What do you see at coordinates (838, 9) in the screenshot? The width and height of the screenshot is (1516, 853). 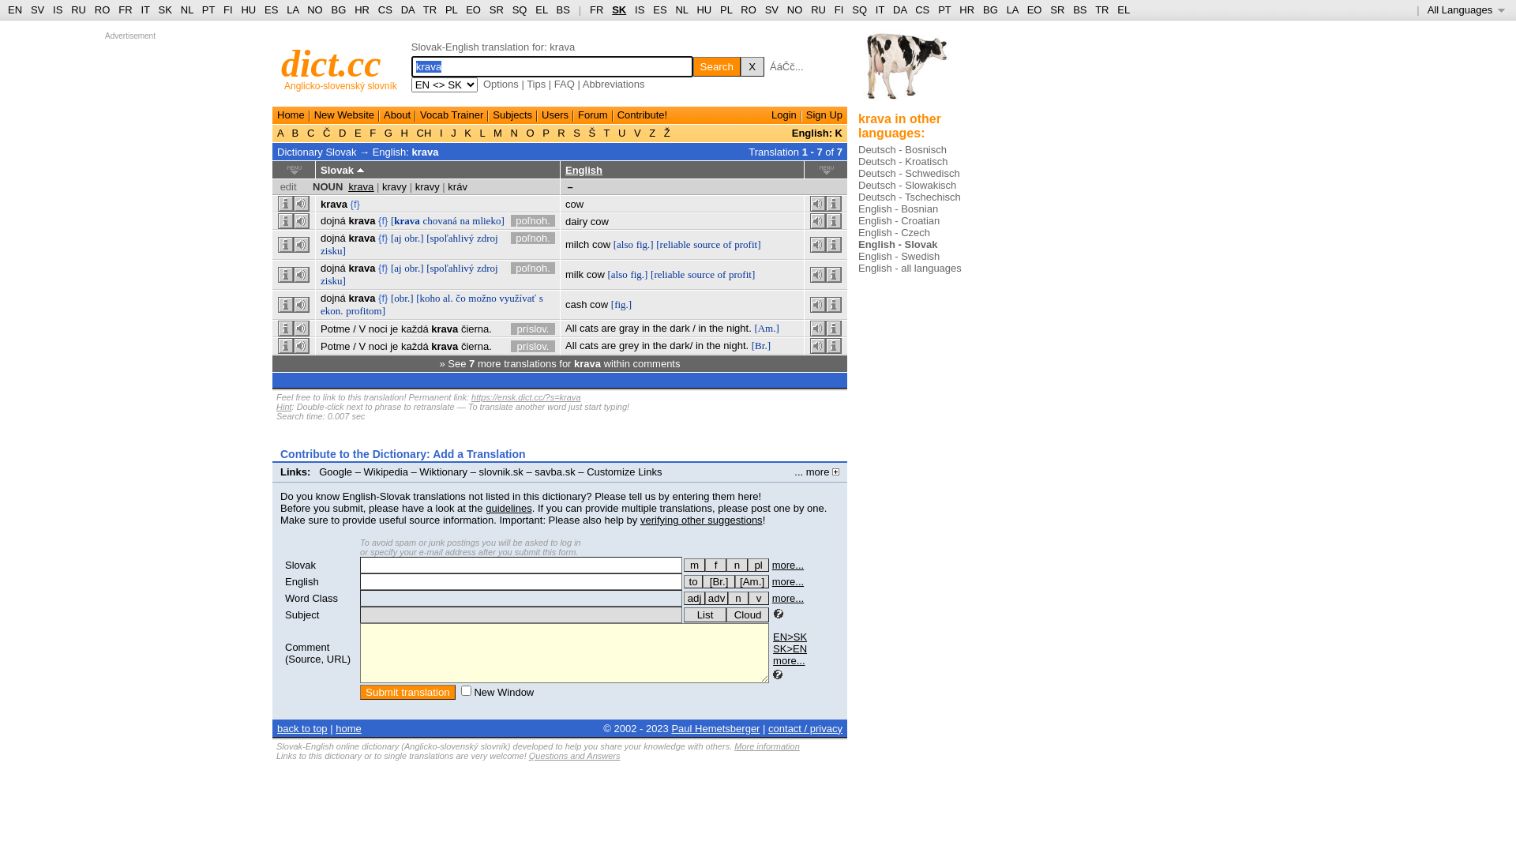 I see `'FI'` at bounding box center [838, 9].